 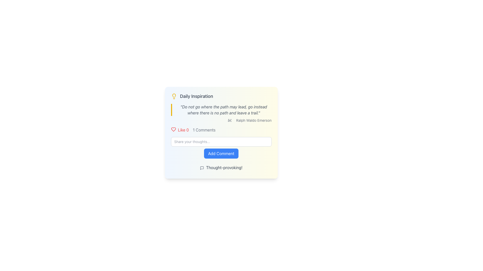 I want to click on the submit button, so click(x=221, y=148).